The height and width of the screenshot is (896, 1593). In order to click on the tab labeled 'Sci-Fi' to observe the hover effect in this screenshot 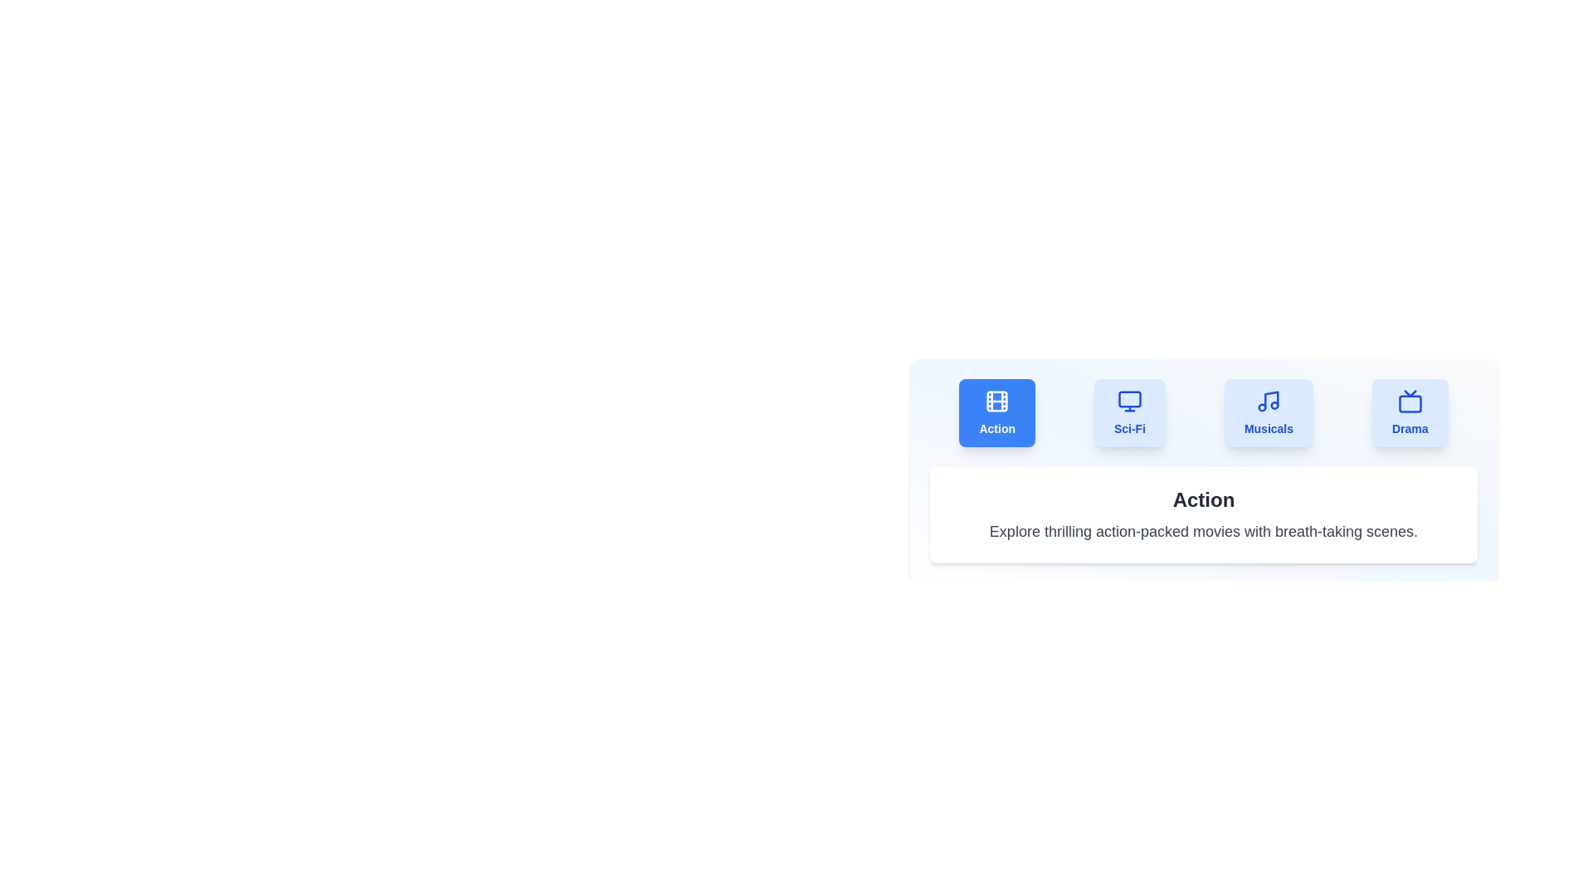, I will do `click(1128, 411)`.